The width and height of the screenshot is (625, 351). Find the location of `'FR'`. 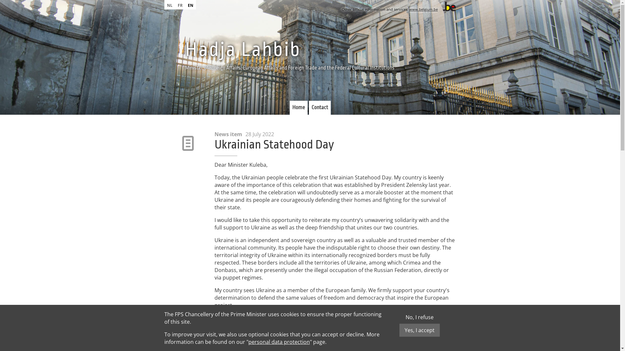

'FR' is located at coordinates (180, 5).